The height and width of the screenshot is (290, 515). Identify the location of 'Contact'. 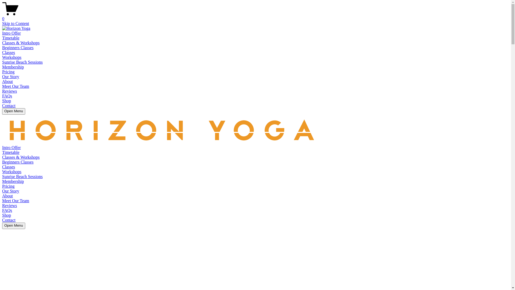
(9, 220).